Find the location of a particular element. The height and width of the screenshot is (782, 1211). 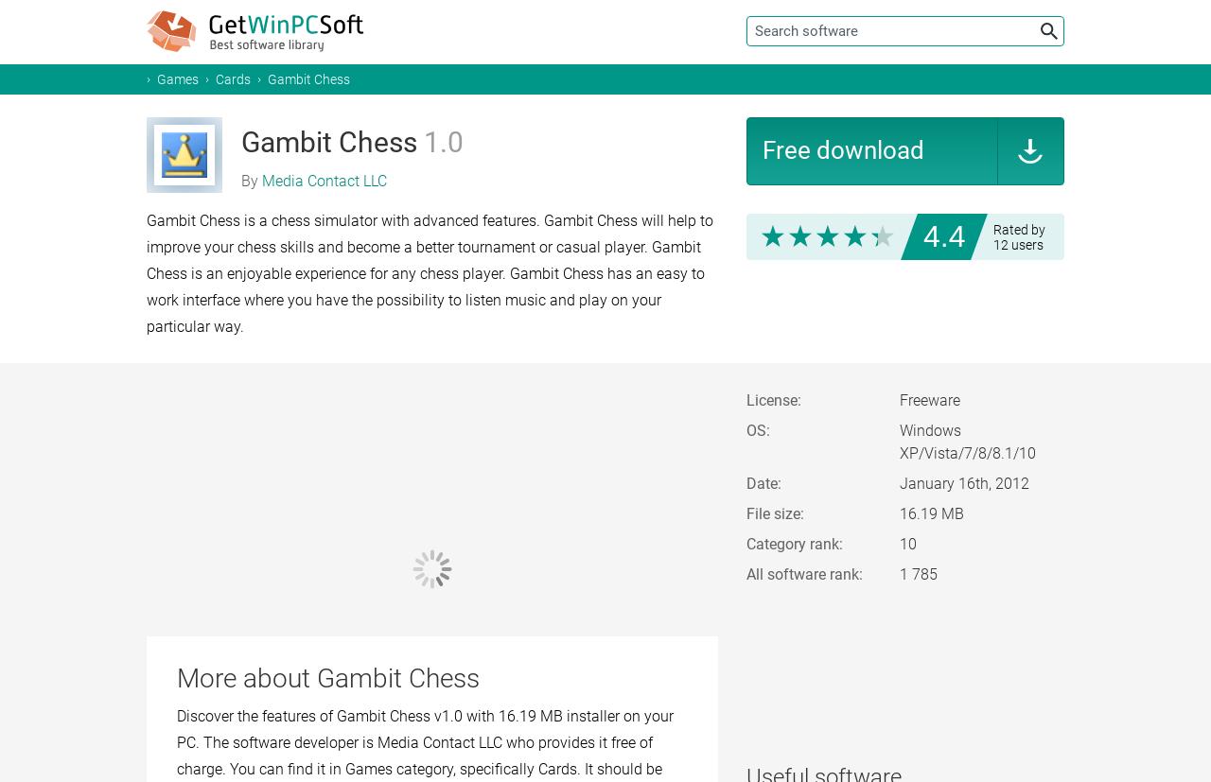

'Cards' is located at coordinates (215, 79).